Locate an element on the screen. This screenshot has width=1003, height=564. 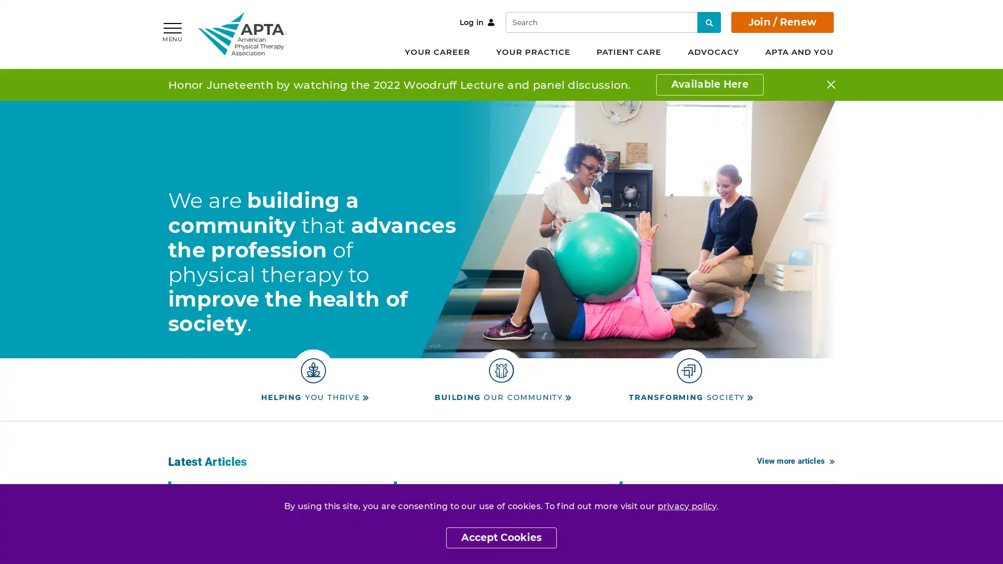
Search is located at coordinates (709, 22).